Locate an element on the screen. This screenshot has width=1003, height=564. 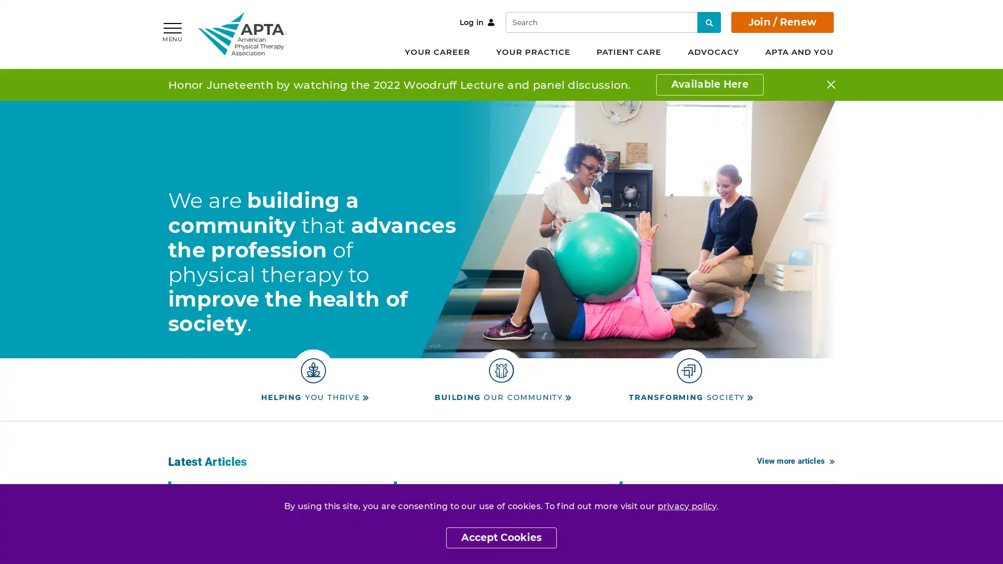
Search is located at coordinates (709, 22).